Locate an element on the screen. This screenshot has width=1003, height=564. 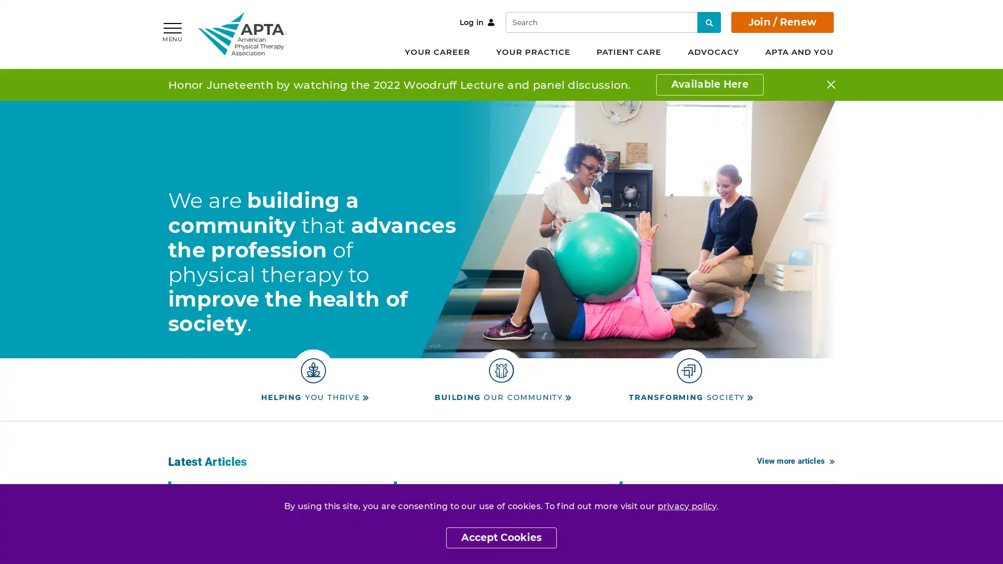
Search is located at coordinates (709, 22).